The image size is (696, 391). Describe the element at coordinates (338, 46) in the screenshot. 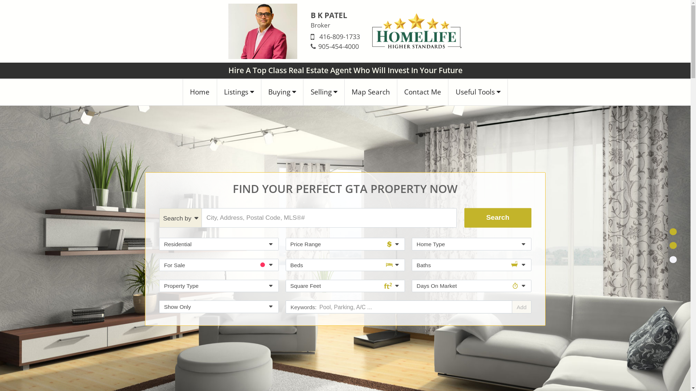

I see `'905-454-4000'` at that location.